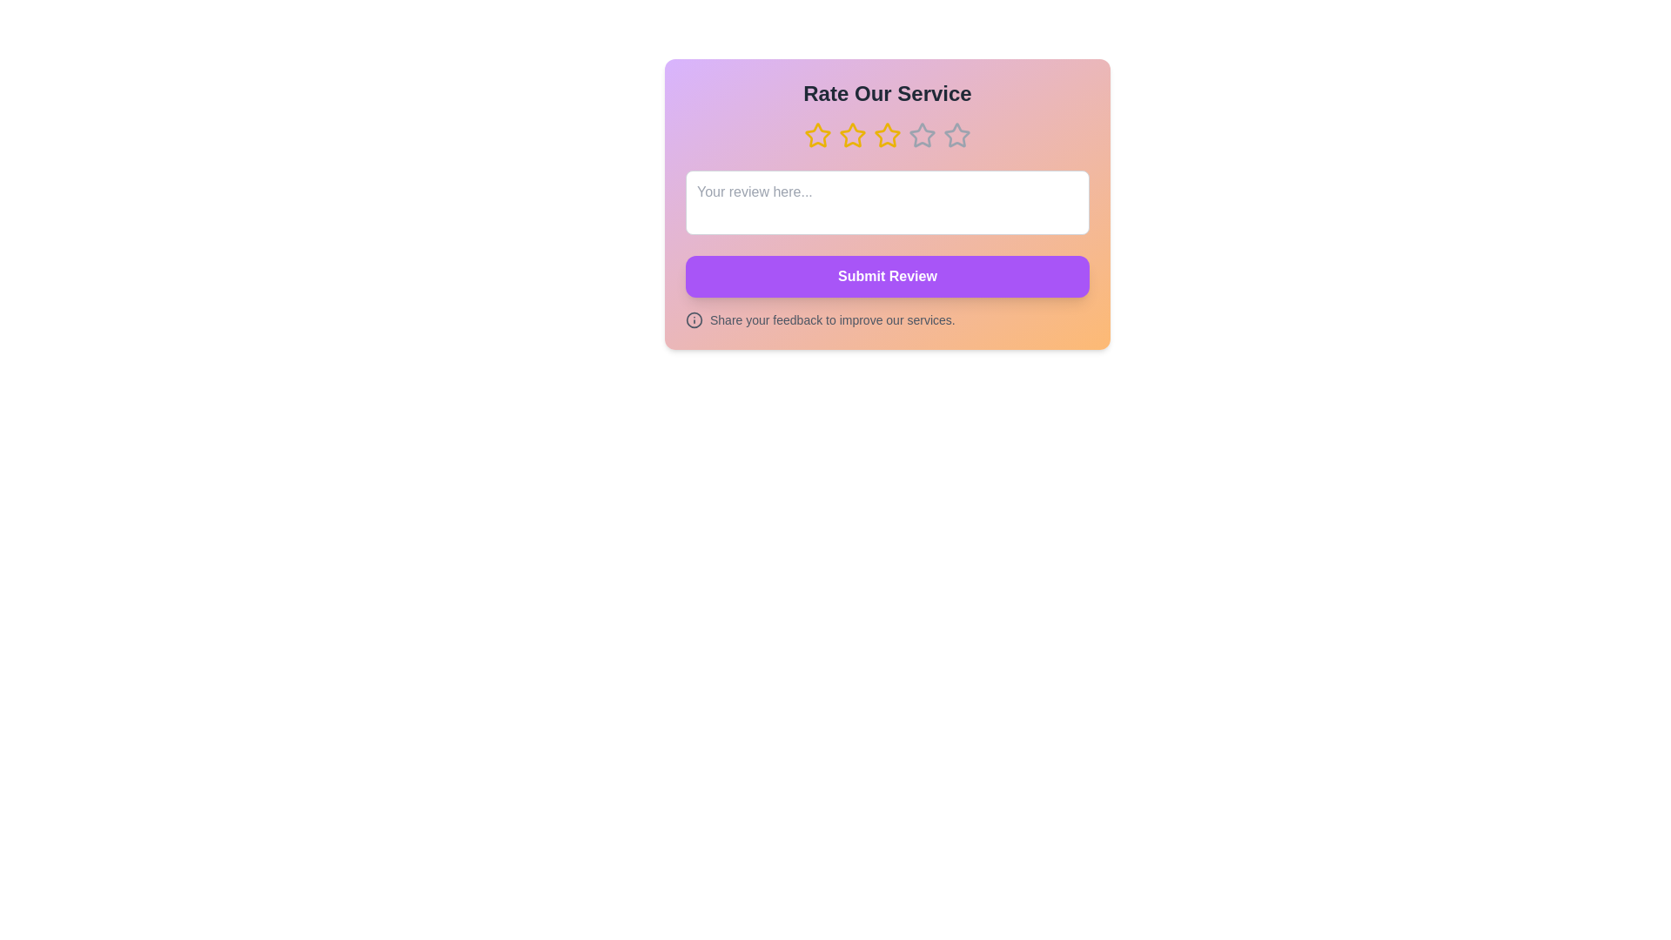 The width and height of the screenshot is (1671, 940). Describe the element at coordinates (887, 134) in the screenshot. I see `across the stars in the Rating component below the 'Rate Our Service' title` at that location.